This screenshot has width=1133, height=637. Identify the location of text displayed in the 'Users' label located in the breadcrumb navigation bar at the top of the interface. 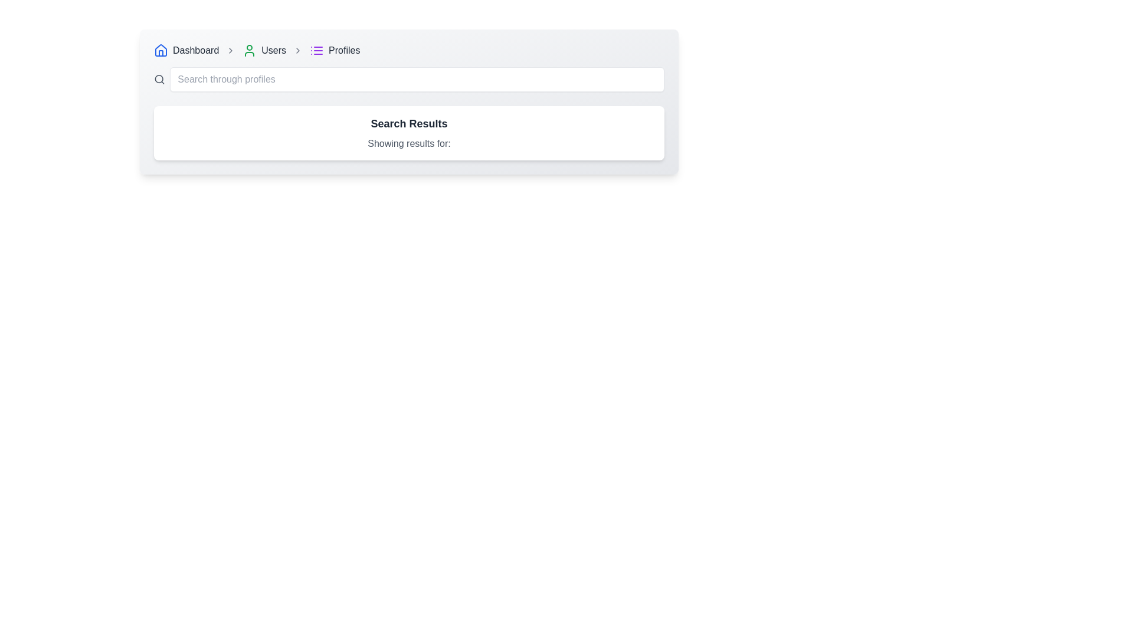
(273, 50).